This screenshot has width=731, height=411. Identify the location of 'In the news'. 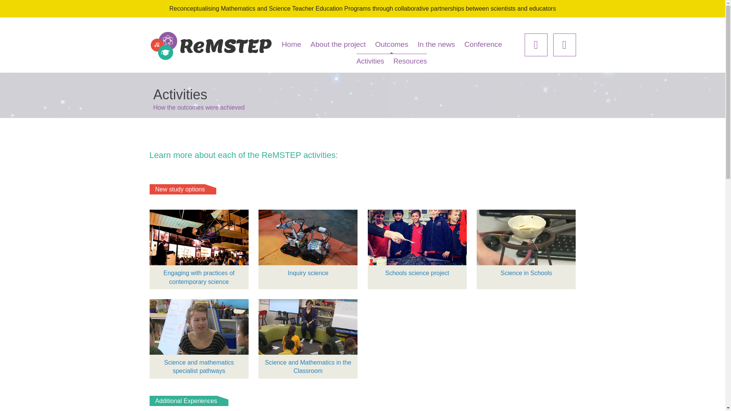
(436, 44).